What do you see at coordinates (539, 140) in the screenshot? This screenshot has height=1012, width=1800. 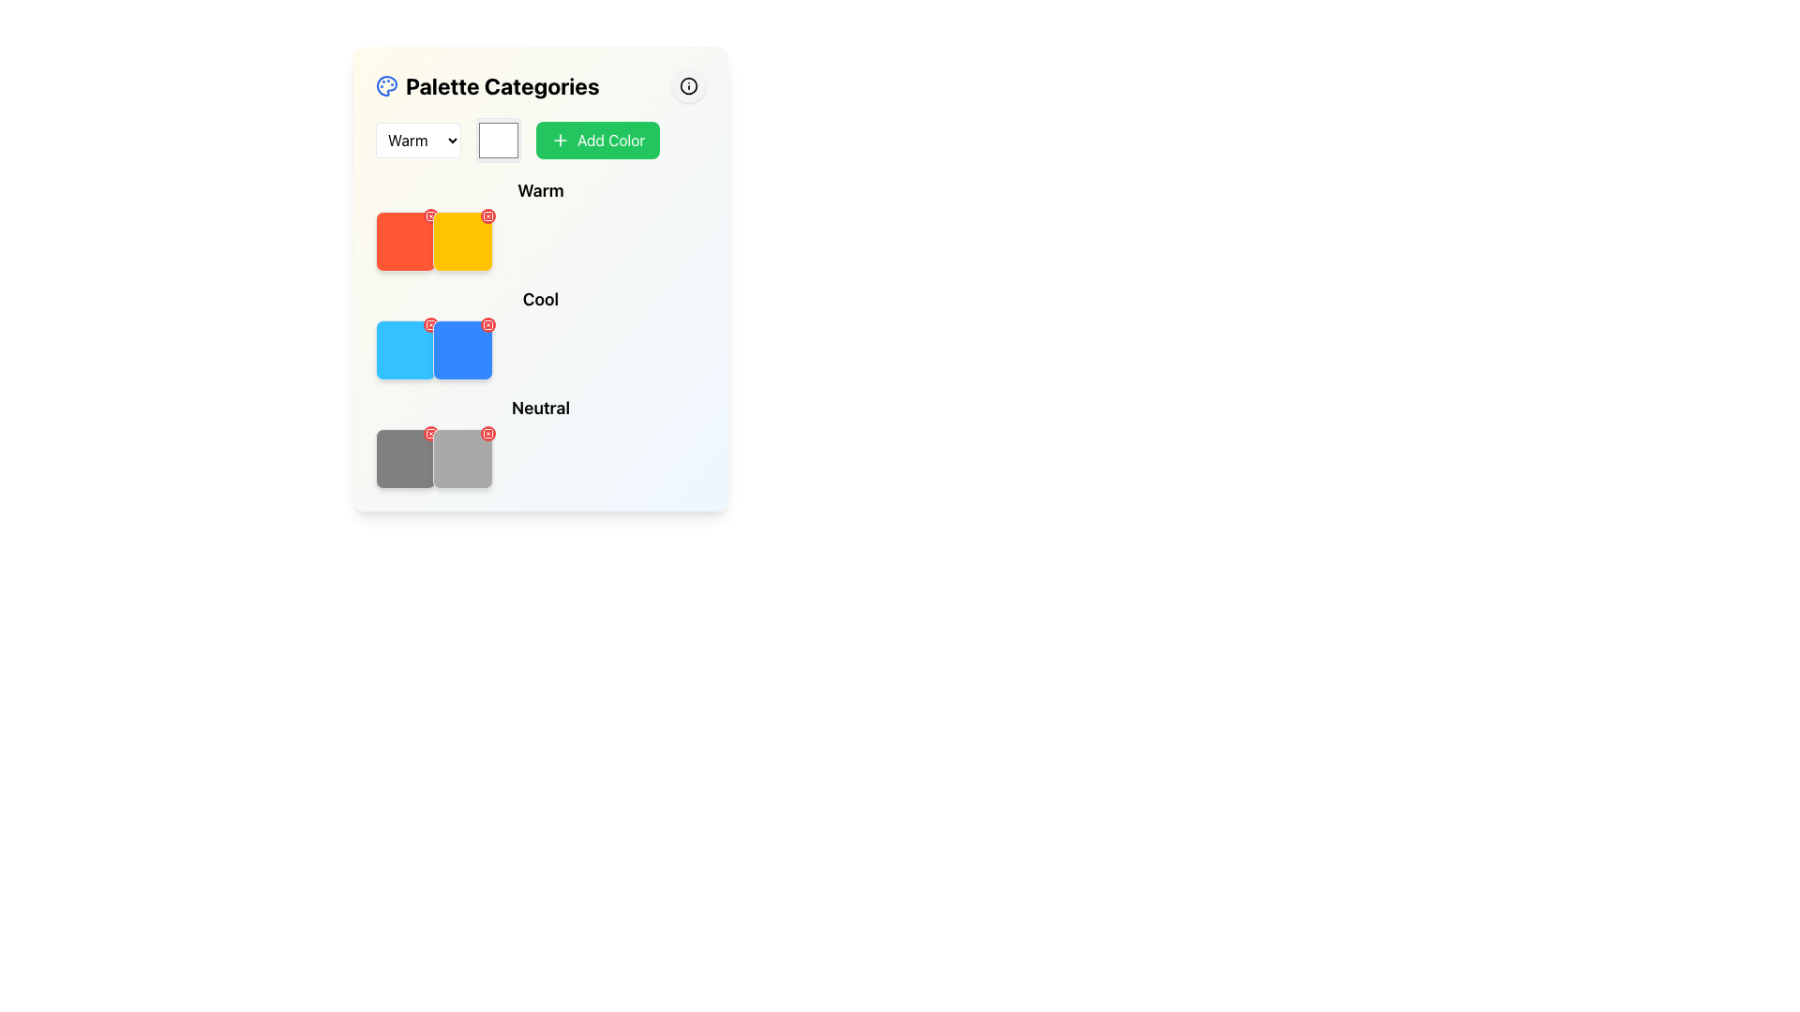 I see `the green button located at the top right of the palette interface, which allows users to add a new color to the selected category` at bounding box center [539, 140].